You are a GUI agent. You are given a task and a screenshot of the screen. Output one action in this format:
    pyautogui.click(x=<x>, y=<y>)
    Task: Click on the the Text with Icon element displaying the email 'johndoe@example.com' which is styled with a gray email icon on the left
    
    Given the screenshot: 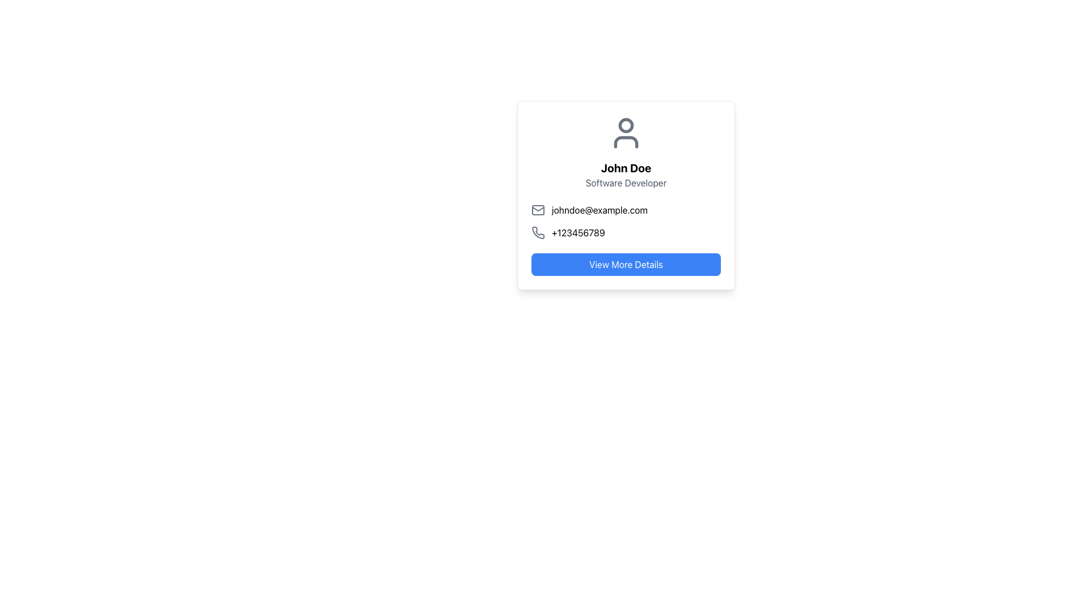 What is the action you would take?
    pyautogui.click(x=626, y=210)
    